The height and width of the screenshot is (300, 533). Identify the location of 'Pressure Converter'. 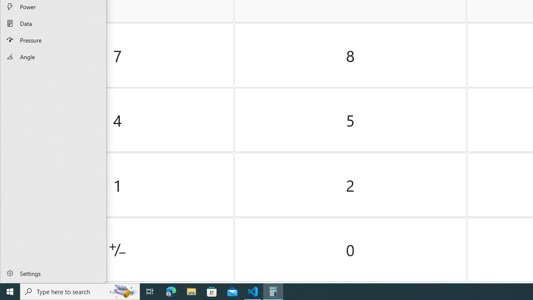
(53, 40).